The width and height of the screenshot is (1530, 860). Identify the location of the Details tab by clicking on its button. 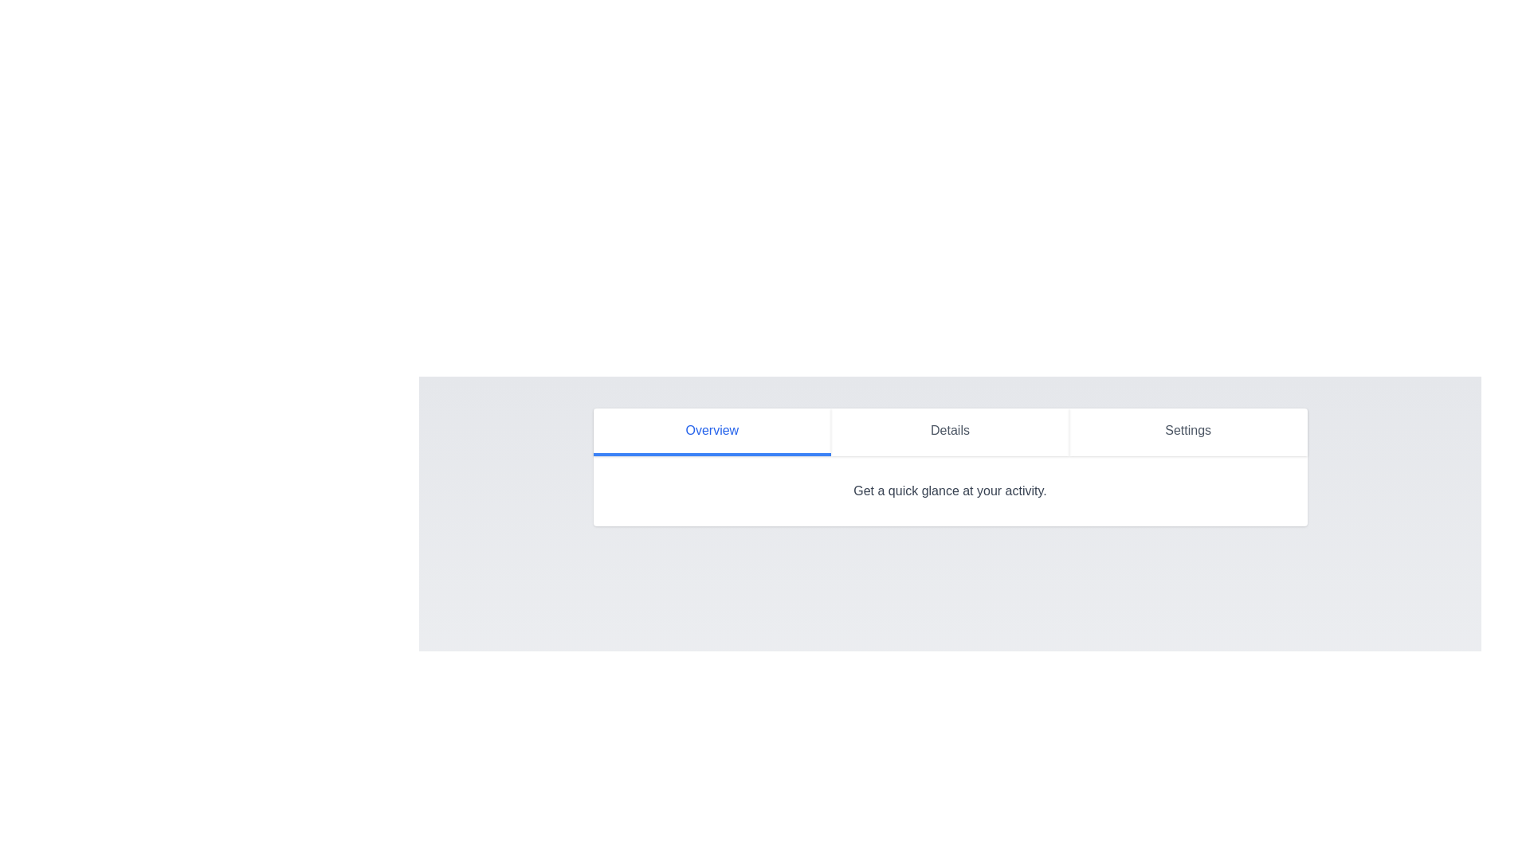
(950, 432).